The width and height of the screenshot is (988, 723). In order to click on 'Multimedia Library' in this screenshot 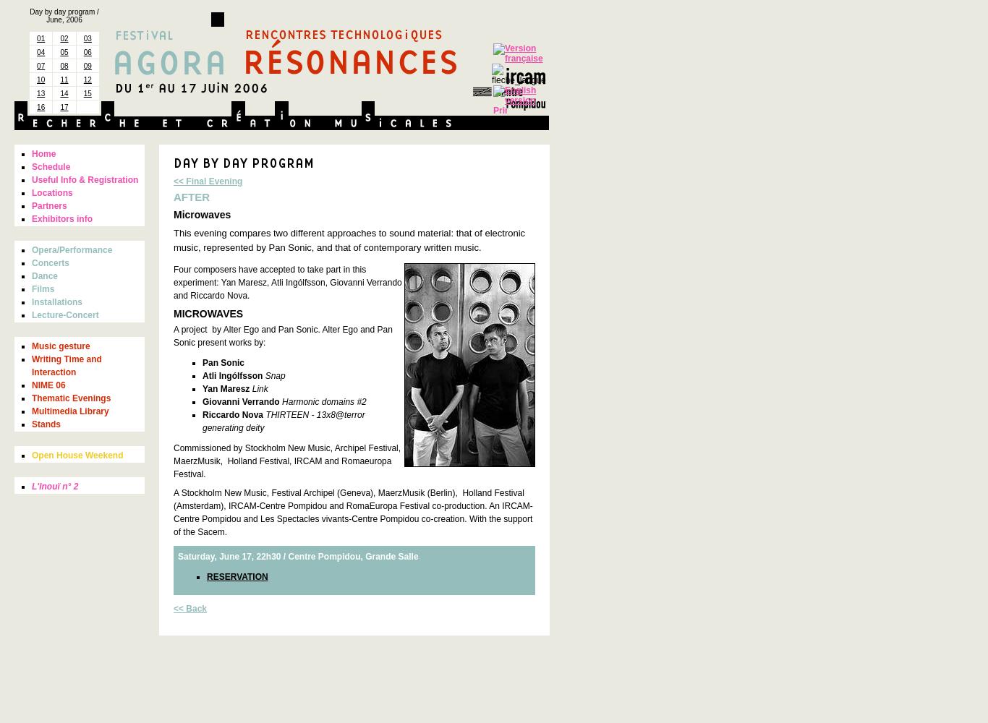, I will do `click(31, 411)`.